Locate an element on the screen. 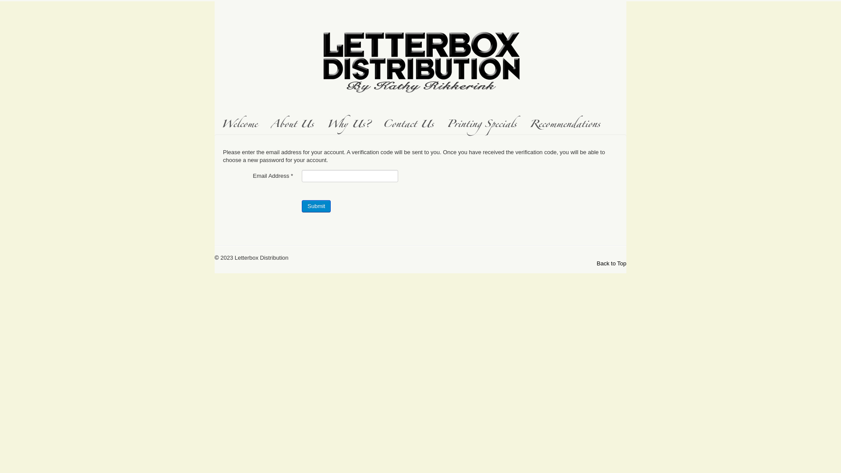  'Recommendations' is located at coordinates (565, 125).